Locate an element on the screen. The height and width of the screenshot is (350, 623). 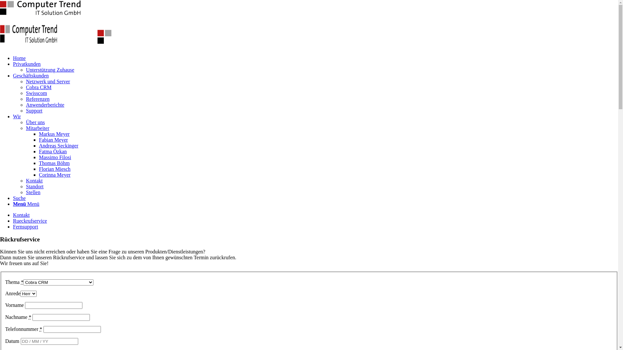
'Fernsupport' is located at coordinates (25, 226).